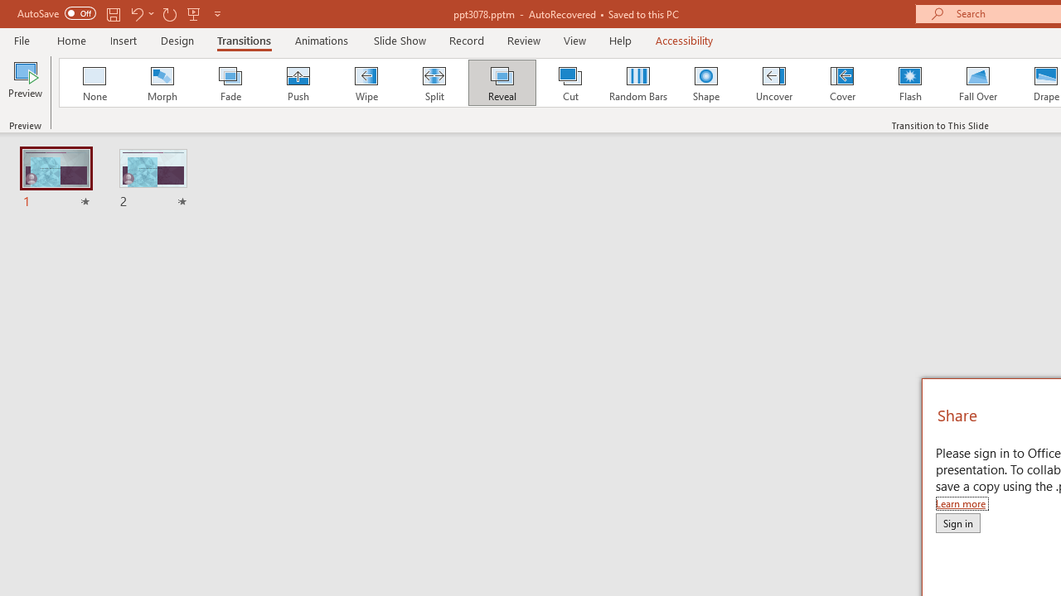 This screenshot has width=1061, height=596. What do you see at coordinates (298, 83) in the screenshot?
I see `'Push'` at bounding box center [298, 83].